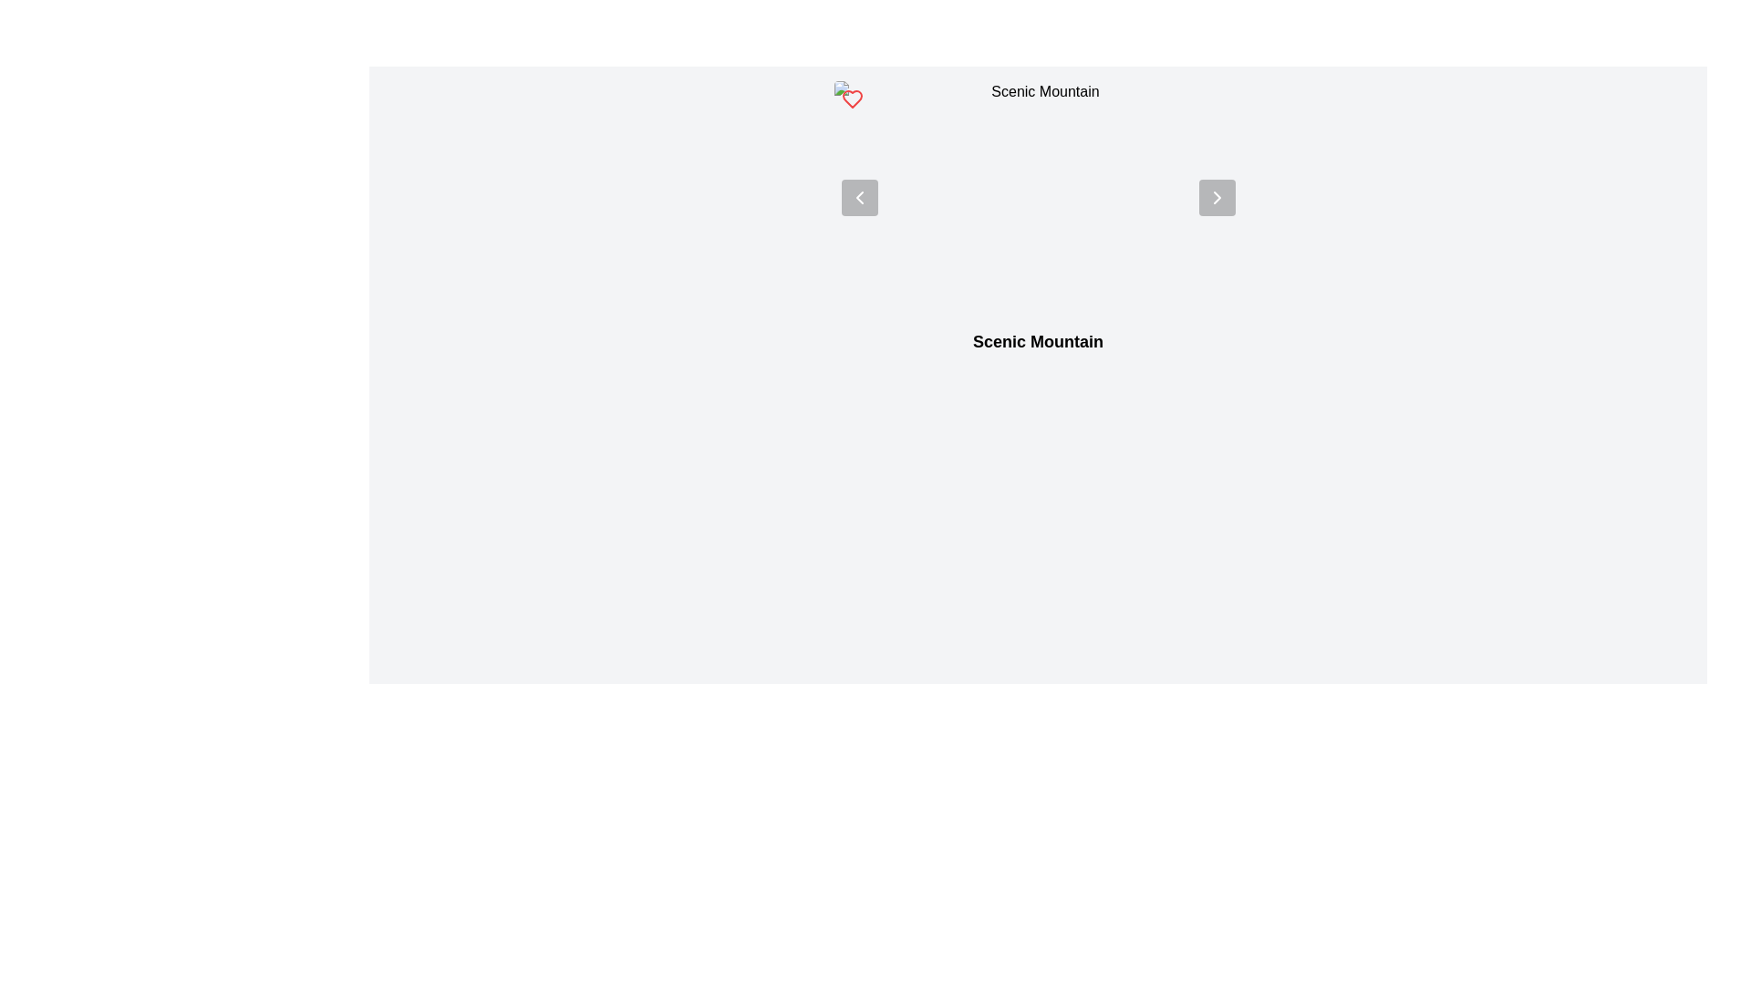 This screenshot has height=985, width=1751. Describe the element at coordinates (1217, 197) in the screenshot. I see `the interactive button with the embedded chevron icon located near the top right of the interface` at that location.